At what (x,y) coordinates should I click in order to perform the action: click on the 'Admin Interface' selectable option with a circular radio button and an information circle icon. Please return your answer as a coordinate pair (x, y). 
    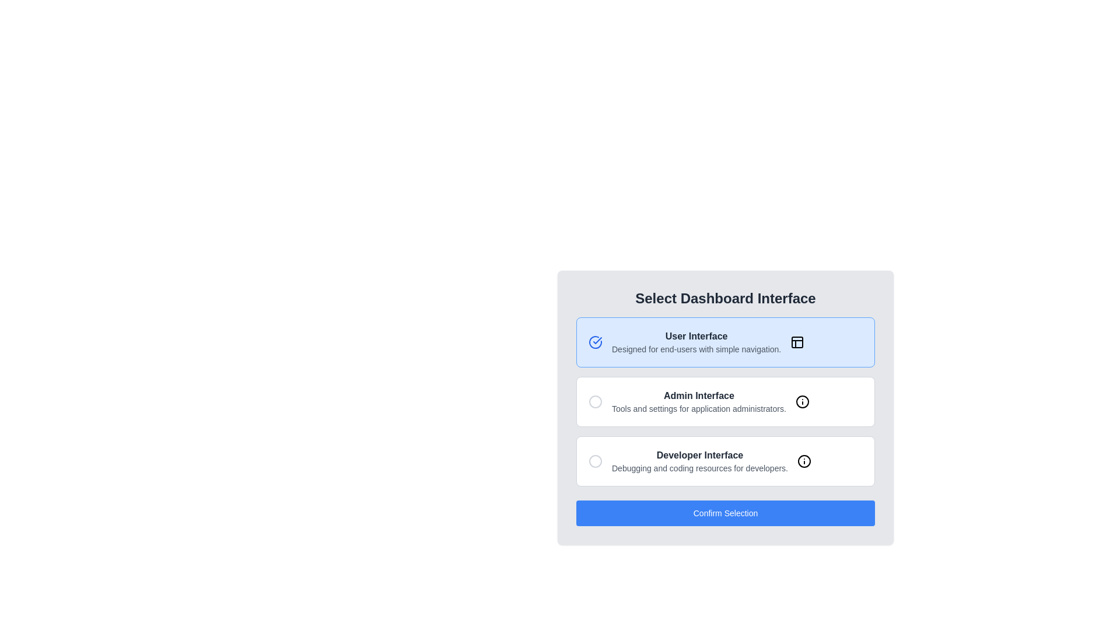
    Looking at the image, I should click on (724, 401).